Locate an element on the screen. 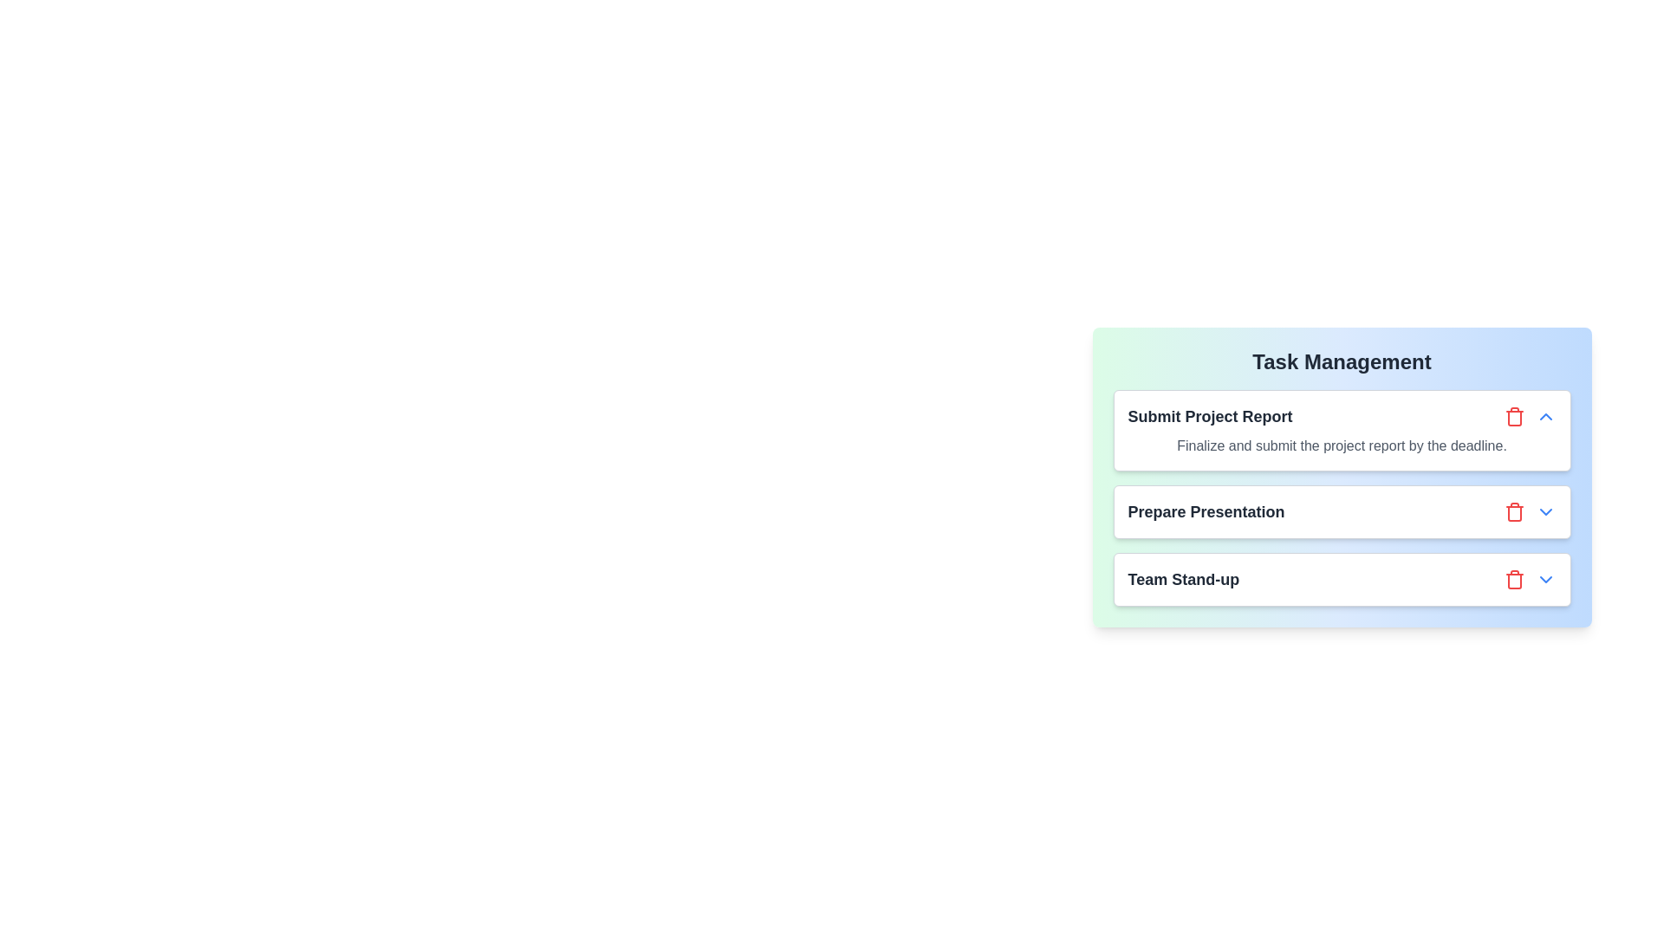  the text label indicating the name or description of a task, located in the 'Task Management' section, positioned between 'Submit Project Report' and 'Team Stand-up' is located at coordinates (1206, 510).